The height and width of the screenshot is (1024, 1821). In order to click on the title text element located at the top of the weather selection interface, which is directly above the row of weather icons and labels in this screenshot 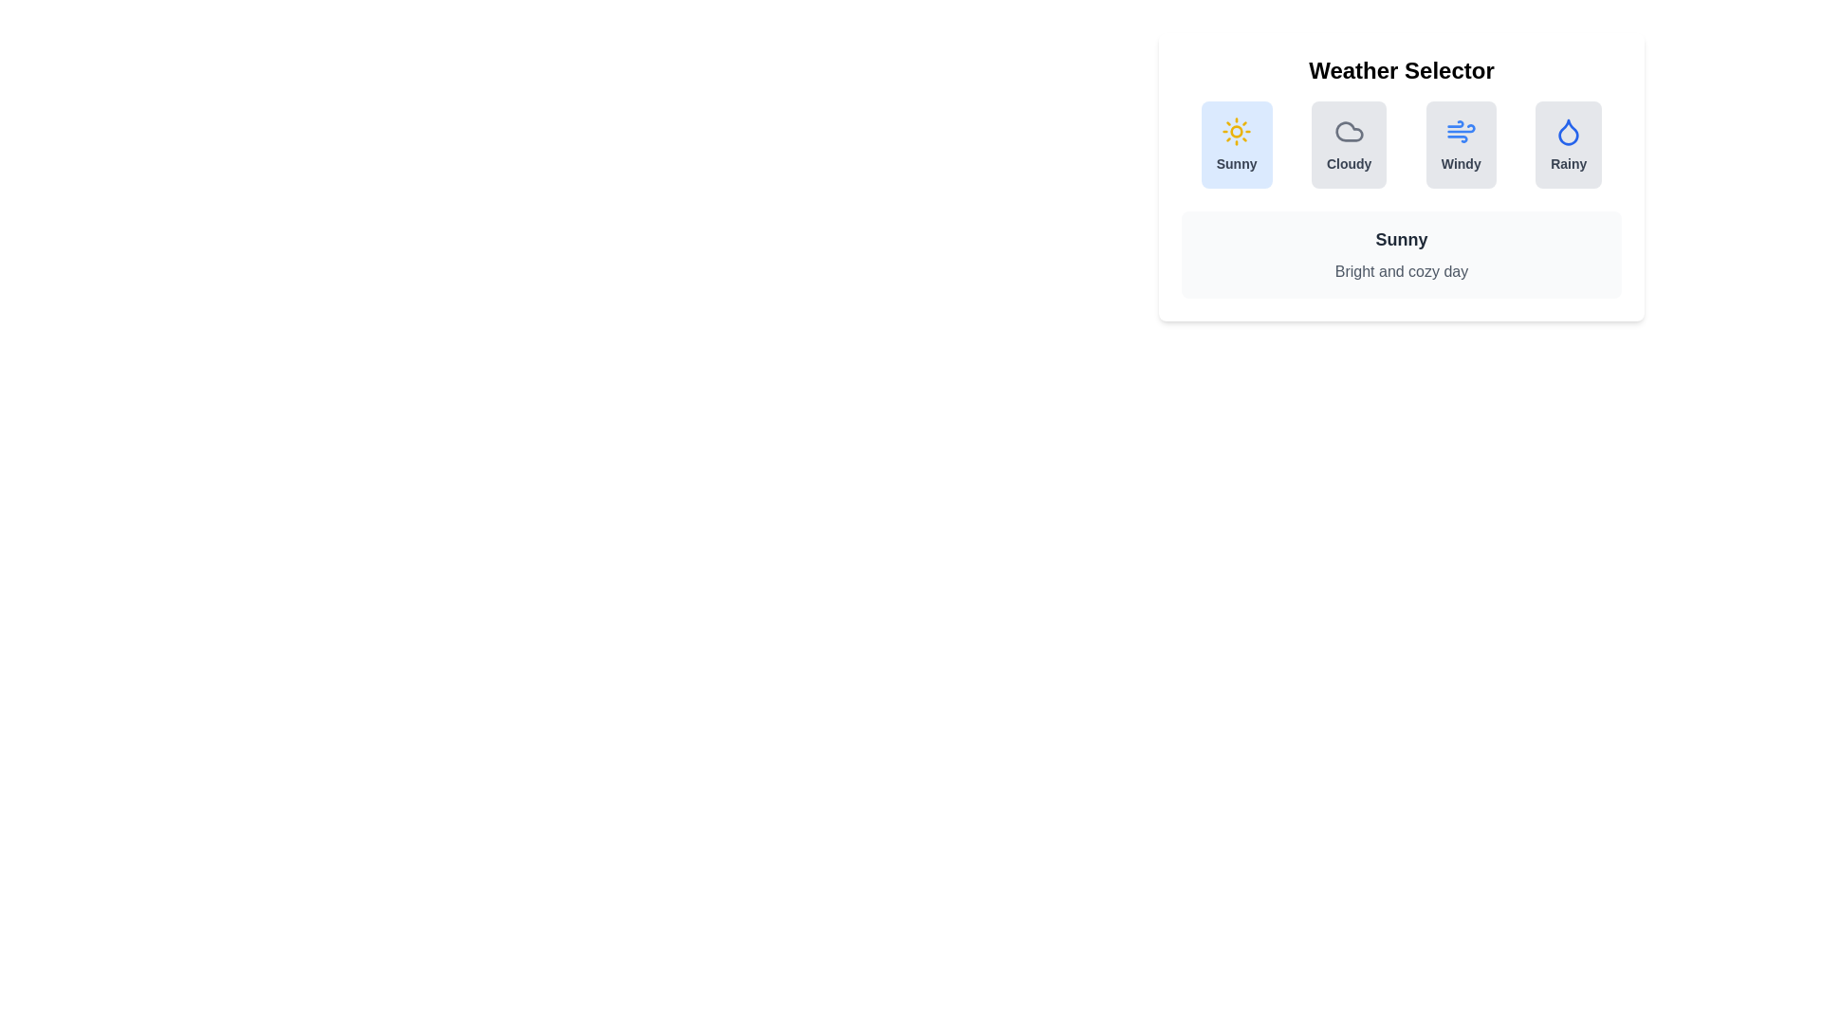, I will do `click(1402, 69)`.